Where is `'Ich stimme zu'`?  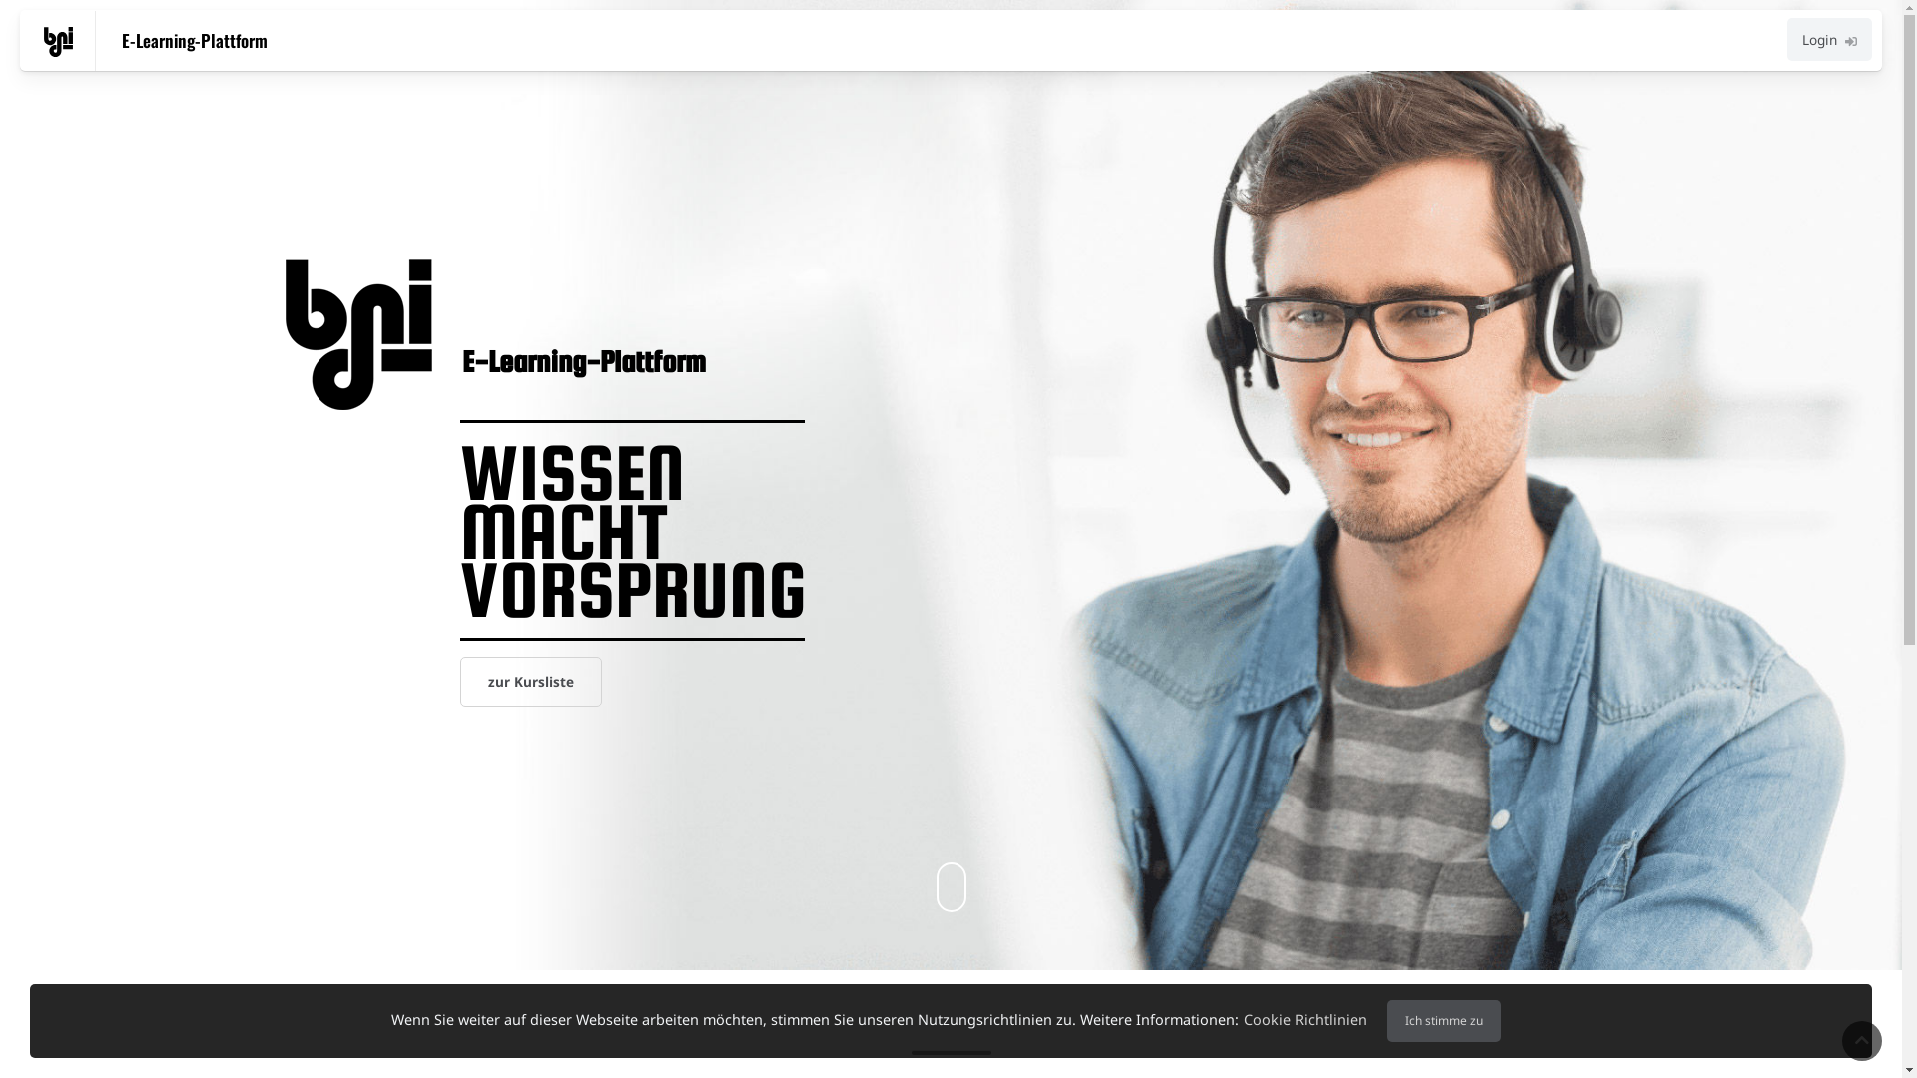 'Ich stimme zu' is located at coordinates (1444, 1020).